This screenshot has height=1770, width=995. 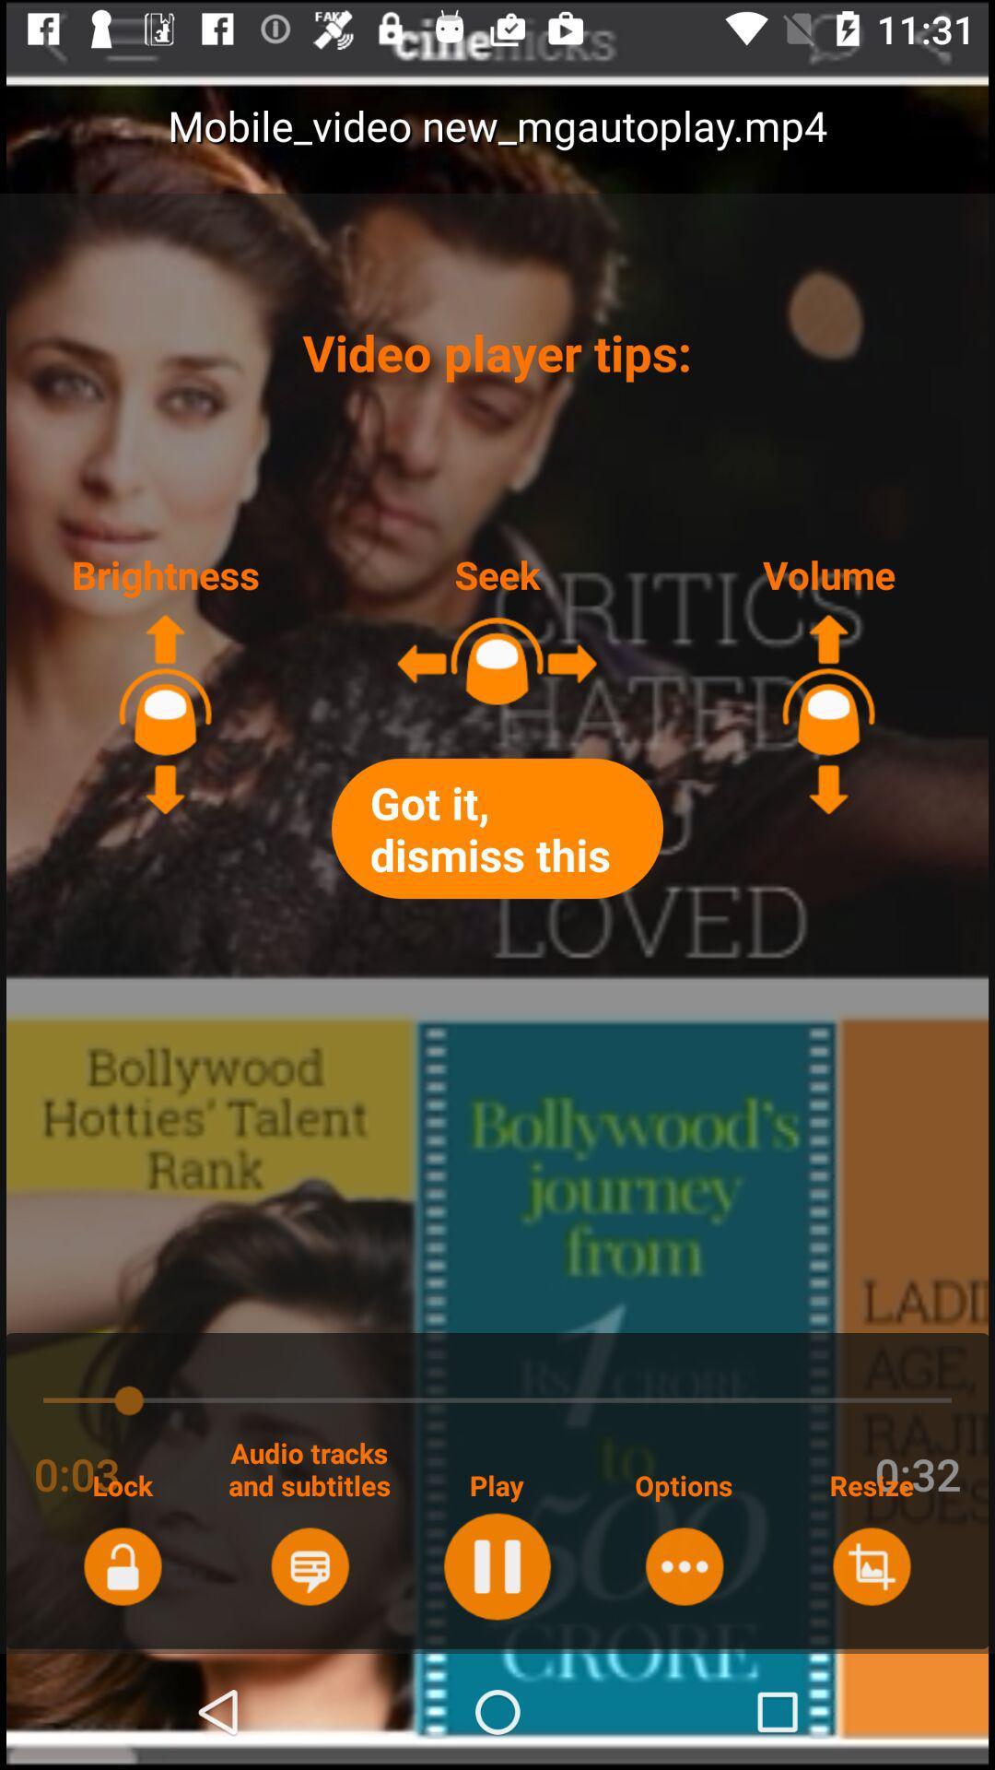 What do you see at coordinates (871, 1565) in the screenshot?
I see `resizes the app` at bounding box center [871, 1565].